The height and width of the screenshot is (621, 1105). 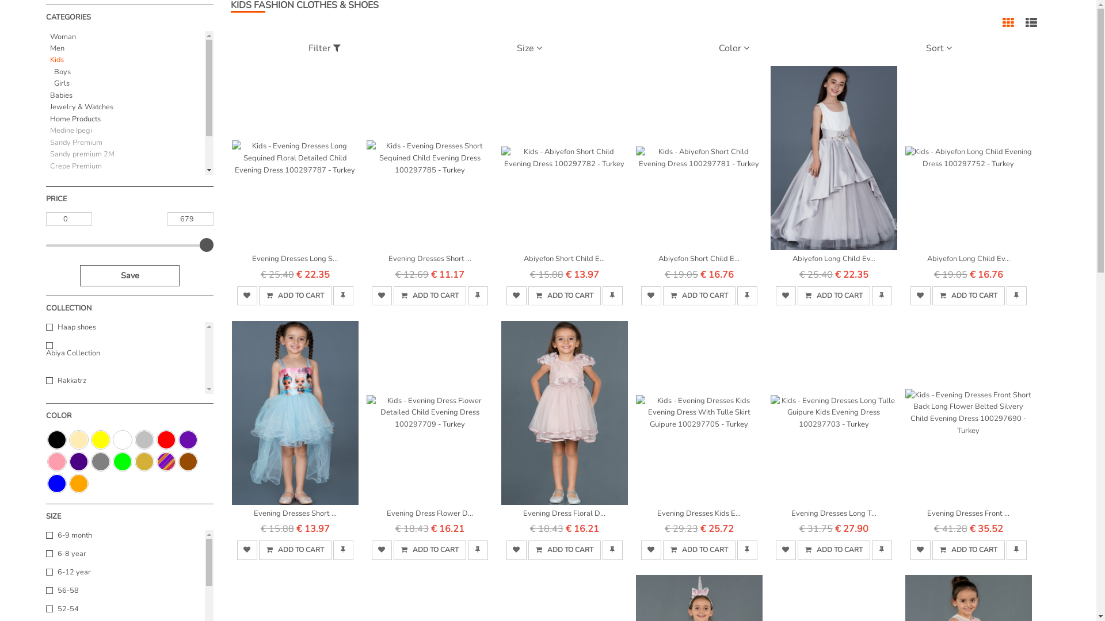 I want to click on 'Silver', so click(x=135, y=439).